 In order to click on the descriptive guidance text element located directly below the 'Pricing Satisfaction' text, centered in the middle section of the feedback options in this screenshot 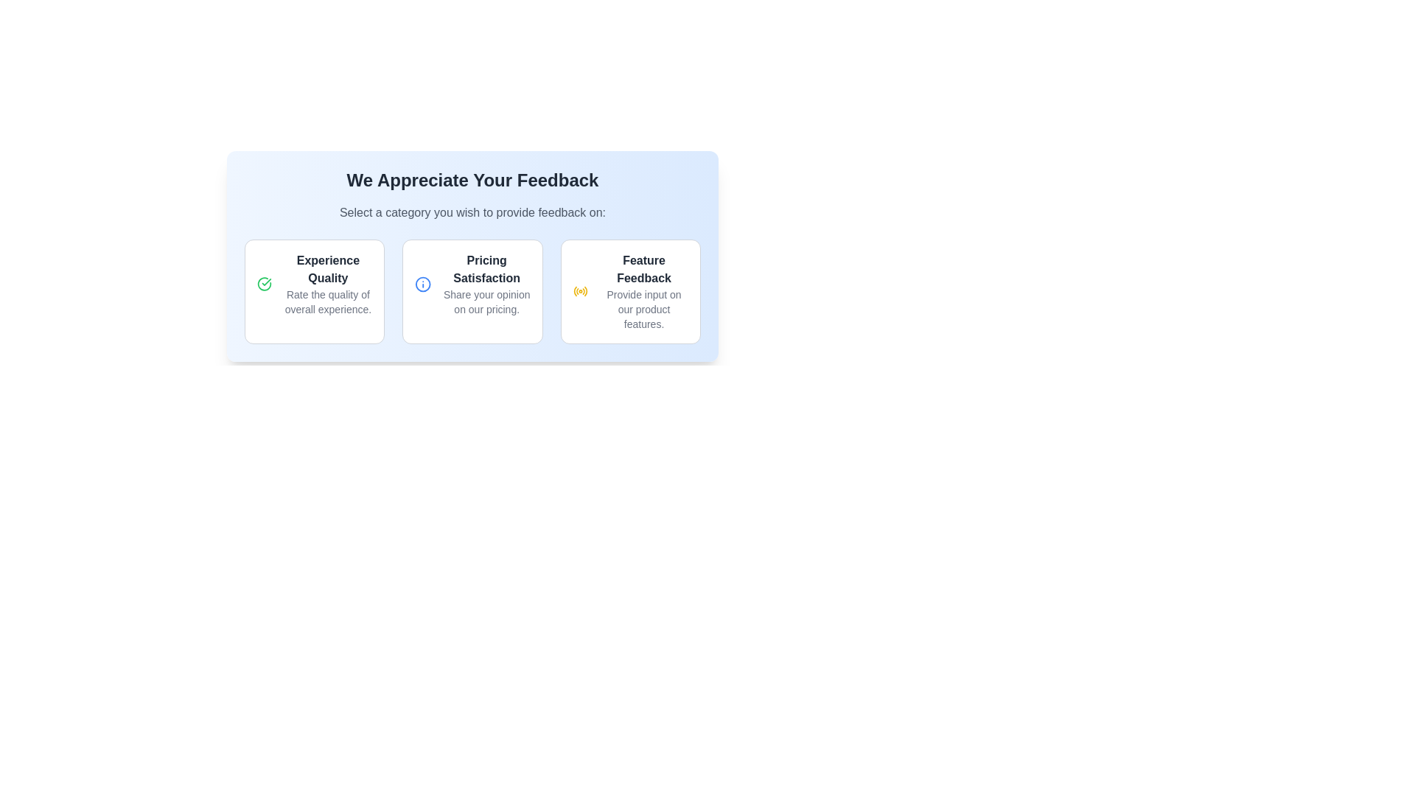, I will do `click(486, 301)`.